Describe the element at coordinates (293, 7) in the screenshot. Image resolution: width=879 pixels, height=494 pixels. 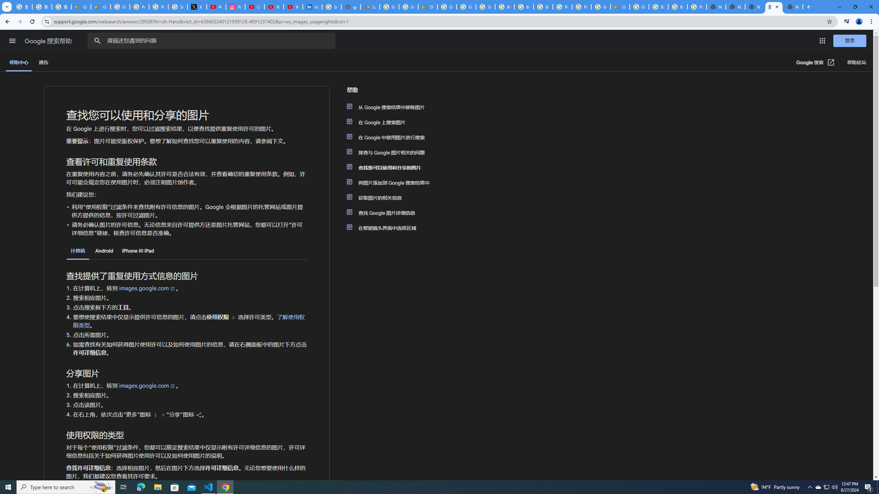
I see `'YouTube Culture & Trends - YouTube Top 10, 2021'` at that location.